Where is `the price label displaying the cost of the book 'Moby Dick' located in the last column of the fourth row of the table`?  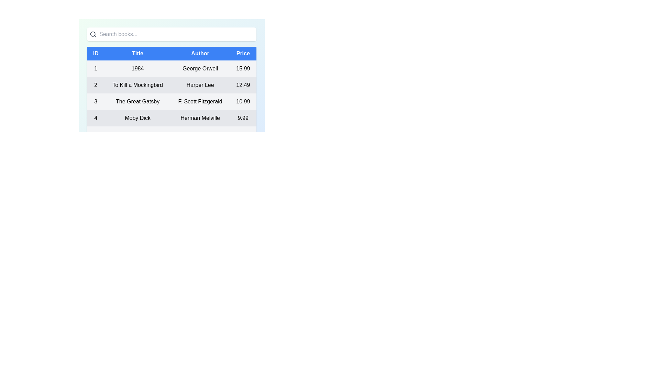
the price label displaying the cost of the book 'Moby Dick' located in the last column of the fourth row of the table is located at coordinates (243, 117).